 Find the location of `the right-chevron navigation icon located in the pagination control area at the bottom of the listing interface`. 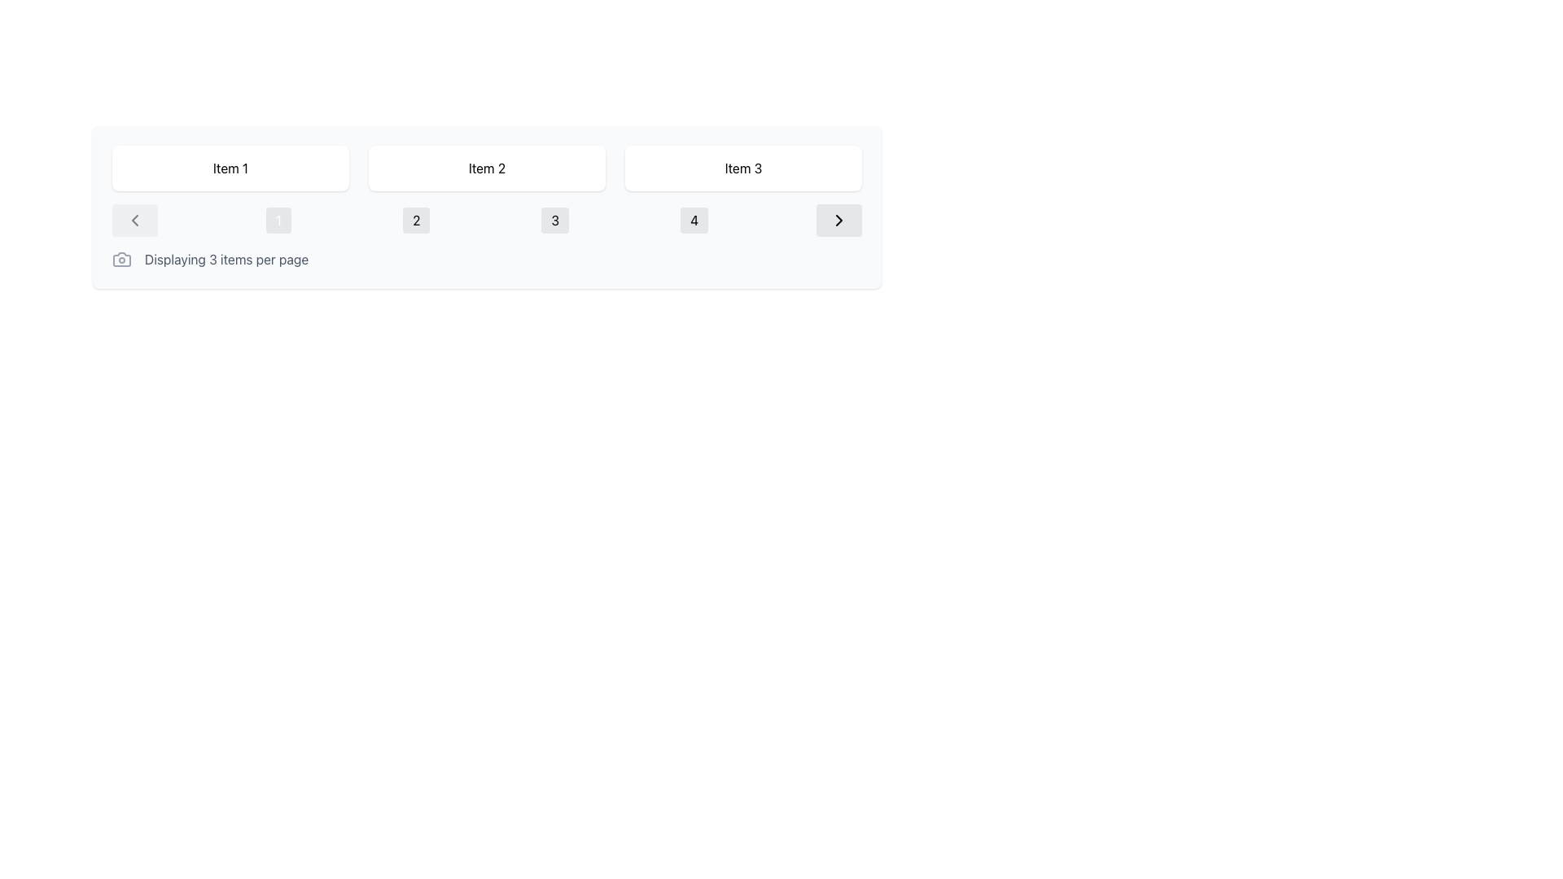

the right-chevron navigation icon located in the pagination control area at the bottom of the listing interface is located at coordinates (839, 220).